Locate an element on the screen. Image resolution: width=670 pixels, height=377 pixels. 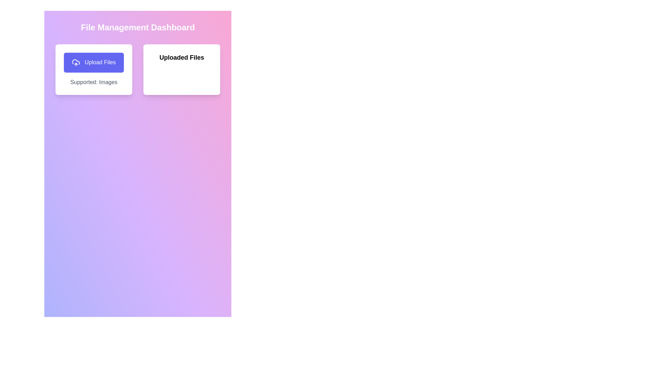
the 'Upload Files' button, which has a purple background, a cloud icon with an upward arrow, and white text, to initiate a file upload is located at coordinates (93, 62).